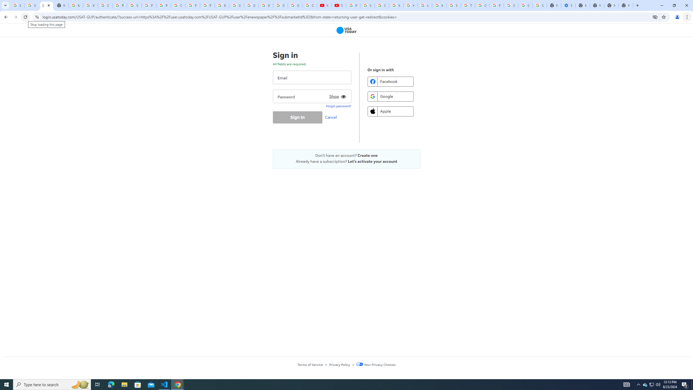 The width and height of the screenshot is (693, 390). What do you see at coordinates (468, 5) in the screenshot?
I see `'Trusted Information and Content - Google Safety Center'` at bounding box center [468, 5].